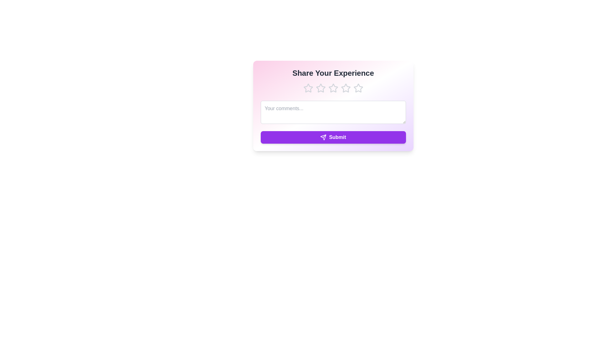 The width and height of the screenshot is (601, 338). I want to click on the third star in the rating component, so click(333, 88).